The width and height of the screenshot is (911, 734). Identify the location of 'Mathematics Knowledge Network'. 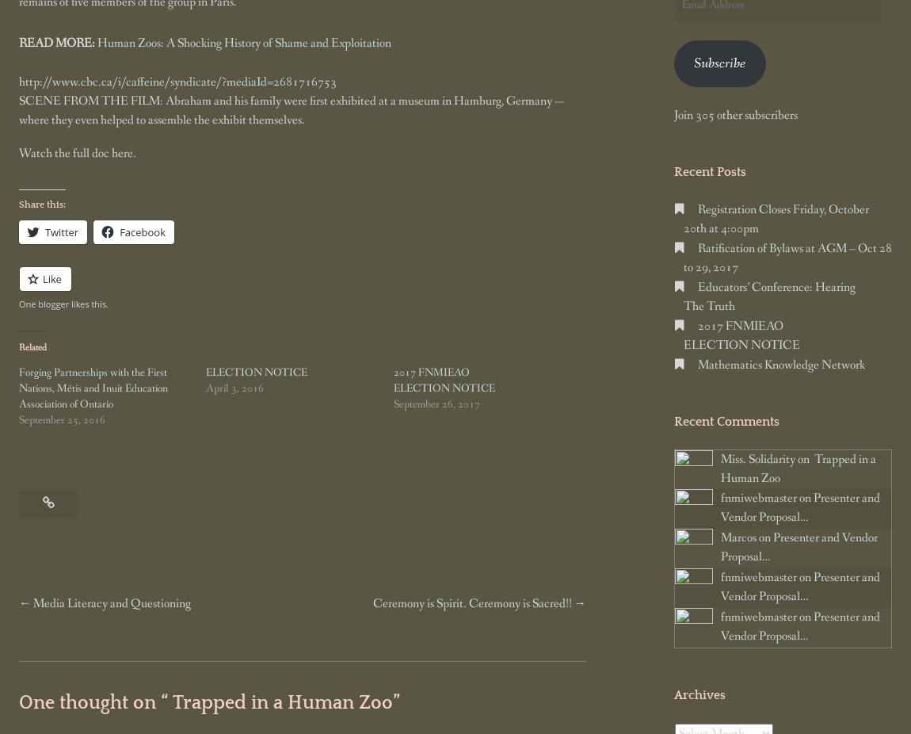
(780, 364).